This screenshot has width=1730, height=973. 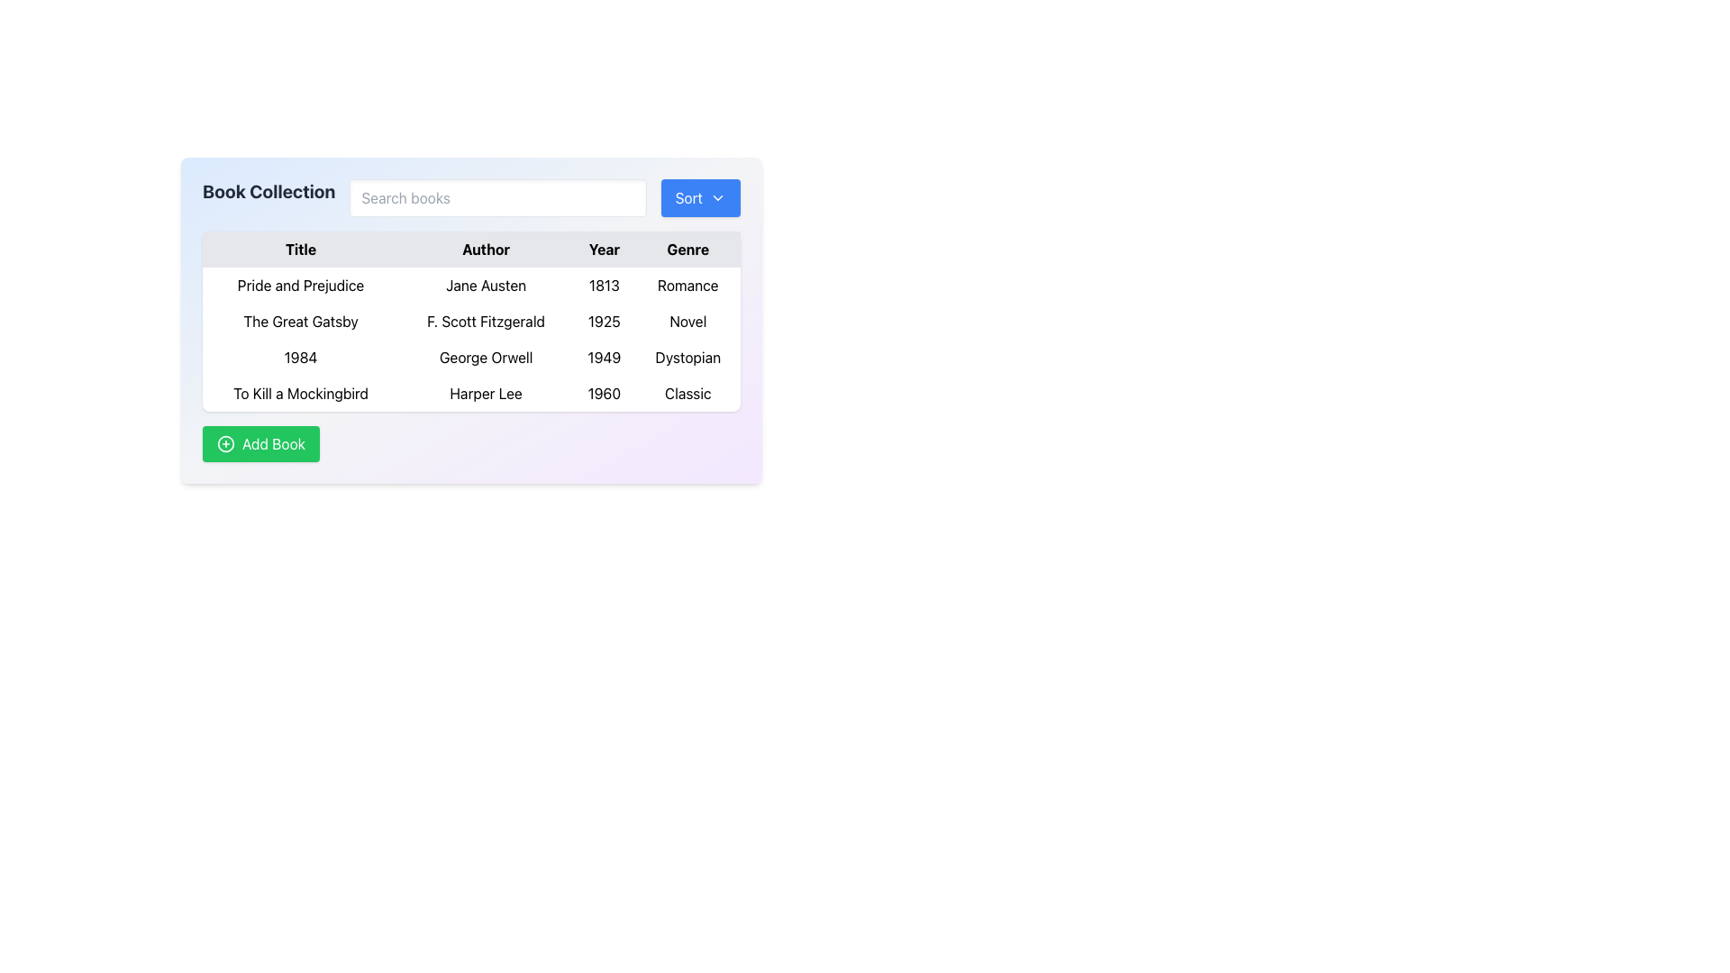 What do you see at coordinates (716, 197) in the screenshot?
I see `the Chevron Icon (SVG) located to the right of the 'Sort' text within the 'Sort' button in the top-right corner of the interface` at bounding box center [716, 197].